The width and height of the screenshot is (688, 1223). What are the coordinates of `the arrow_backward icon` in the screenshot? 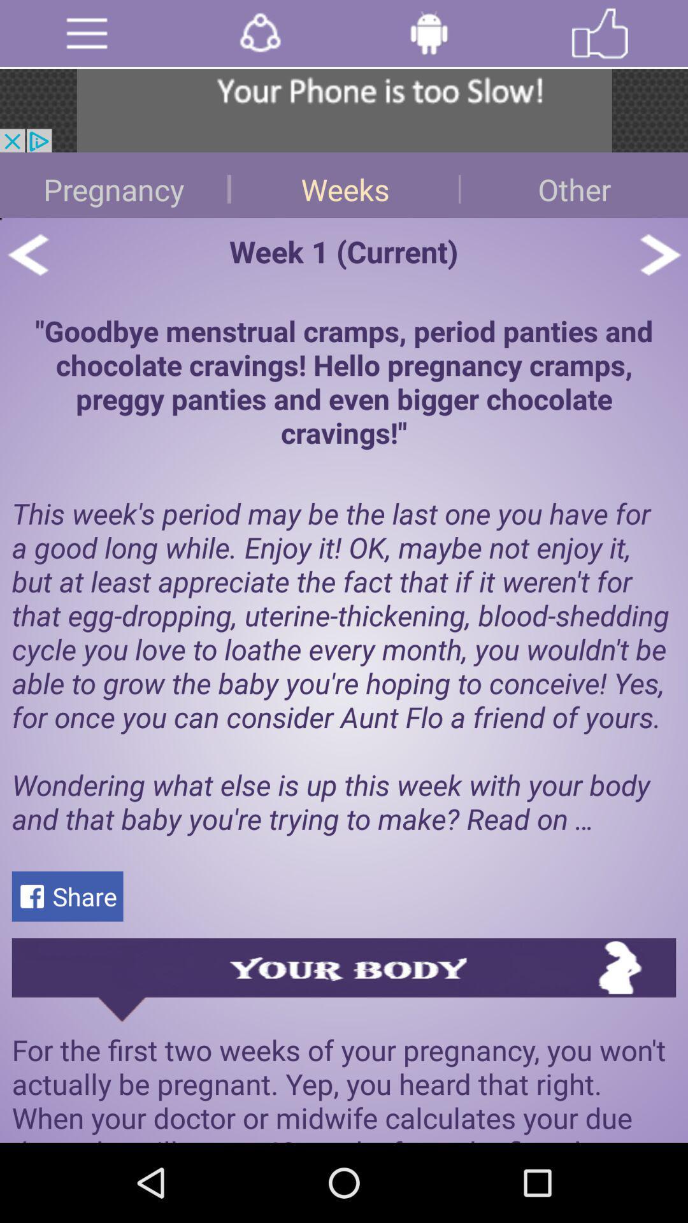 It's located at (27, 271).